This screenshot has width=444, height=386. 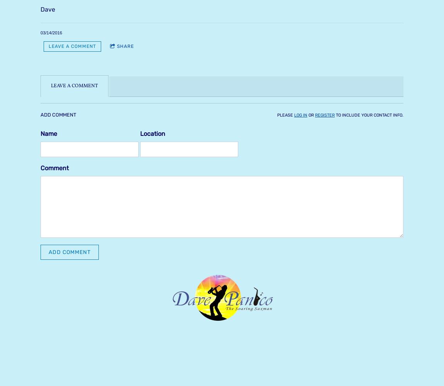 What do you see at coordinates (300, 115) in the screenshot?
I see `'log in'` at bounding box center [300, 115].